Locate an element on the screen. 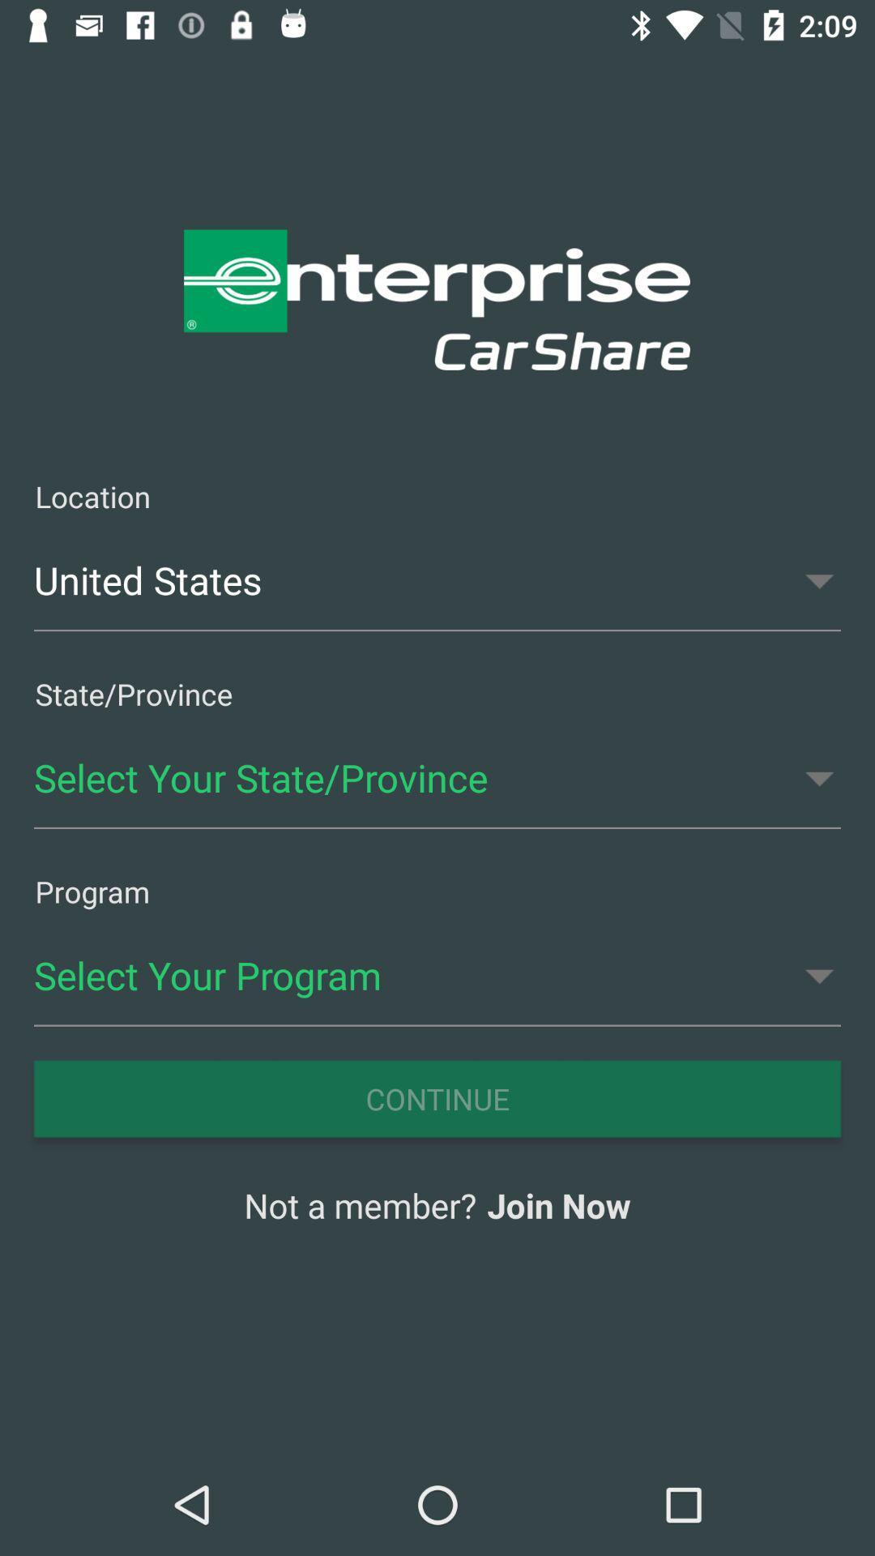 The image size is (875, 1556). icon below location item is located at coordinates (437, 580).